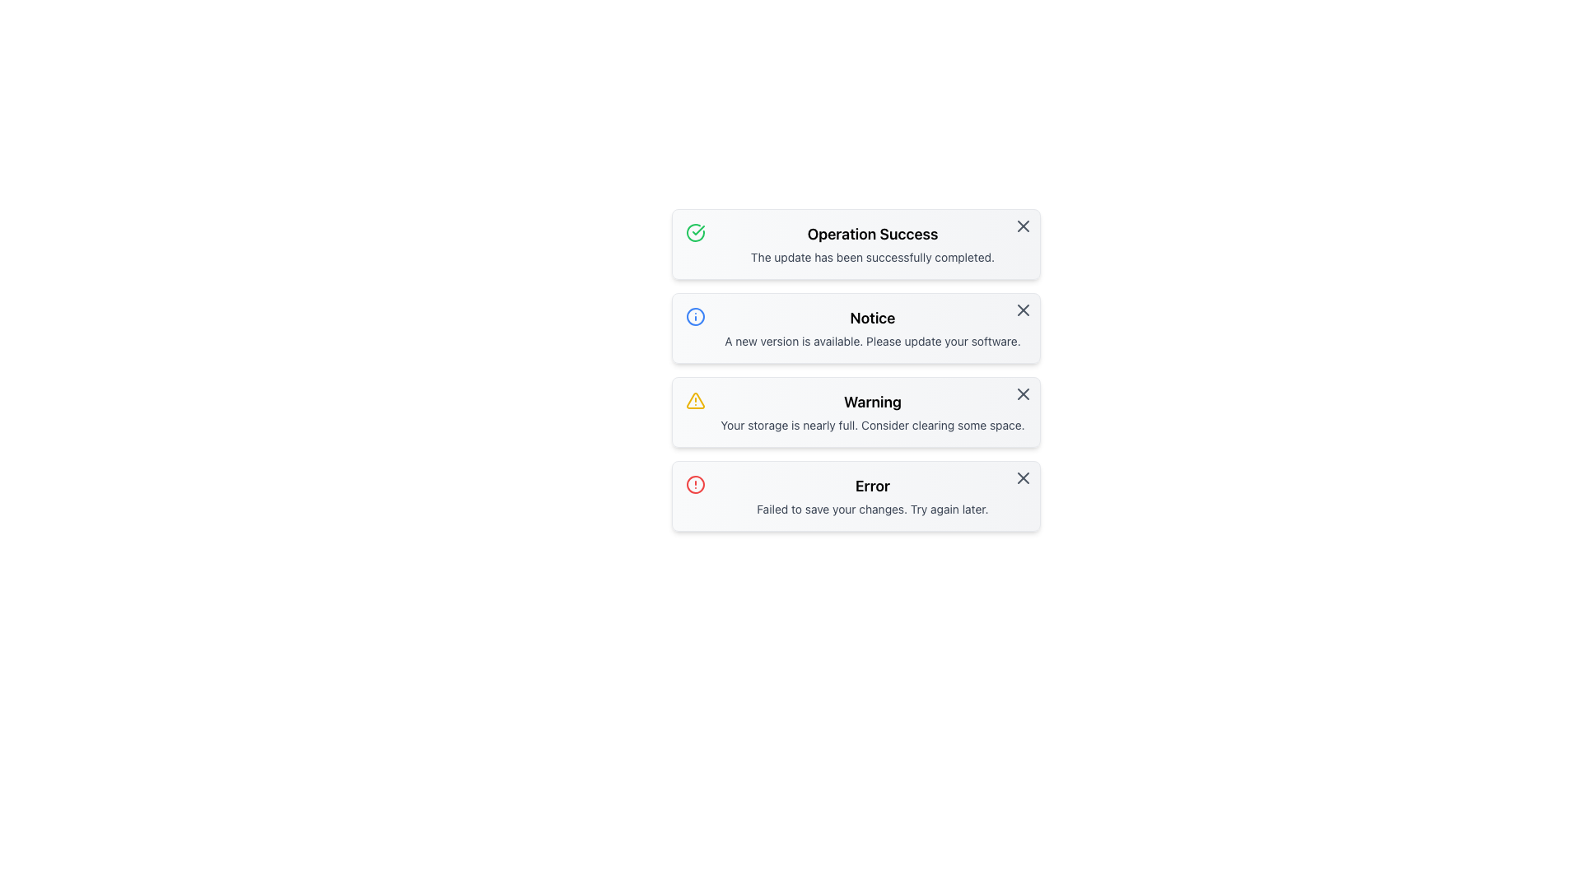 This screenshot has height=889, width=1581. I want to click on the yellow triangle warning icon with an exclamation mark symbol, which is part of the panel indicating storage issues, so click(695, 400).